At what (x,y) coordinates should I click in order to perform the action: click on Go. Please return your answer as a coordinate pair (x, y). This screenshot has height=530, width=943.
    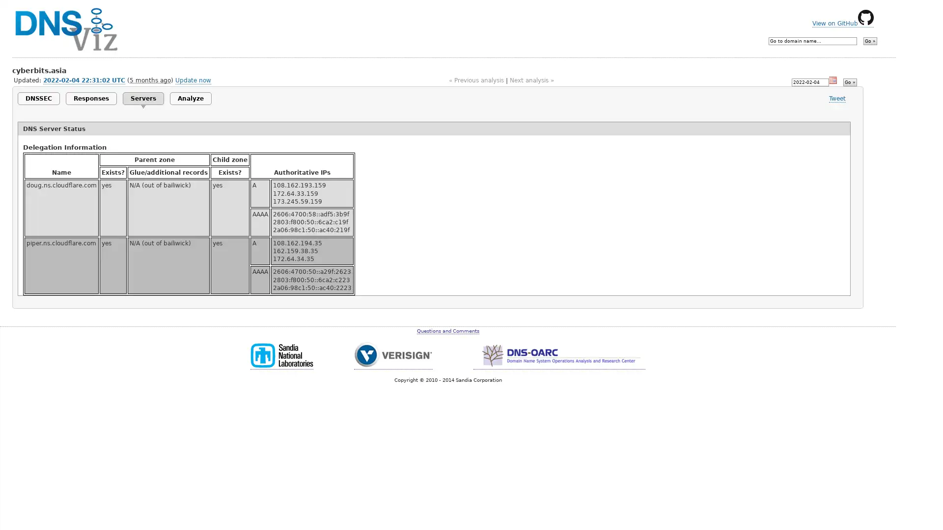
    Looking at the image, I should click on (849, 81).